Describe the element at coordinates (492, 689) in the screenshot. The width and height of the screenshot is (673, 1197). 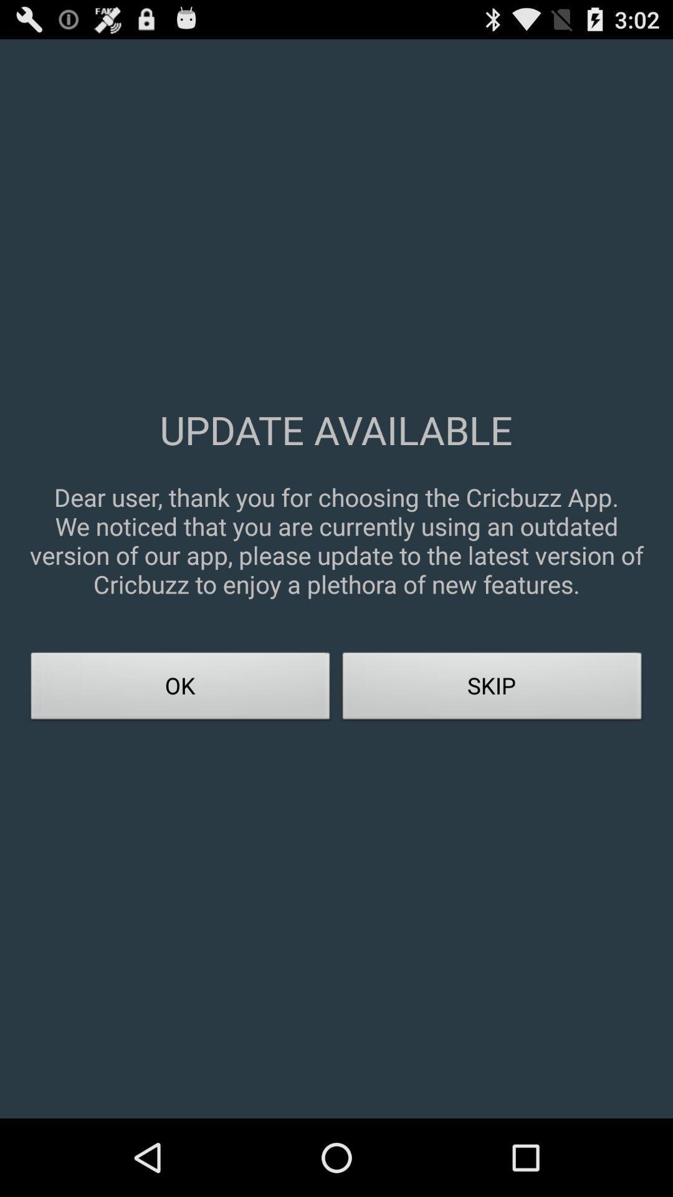
I see `the button on the right` at that location.